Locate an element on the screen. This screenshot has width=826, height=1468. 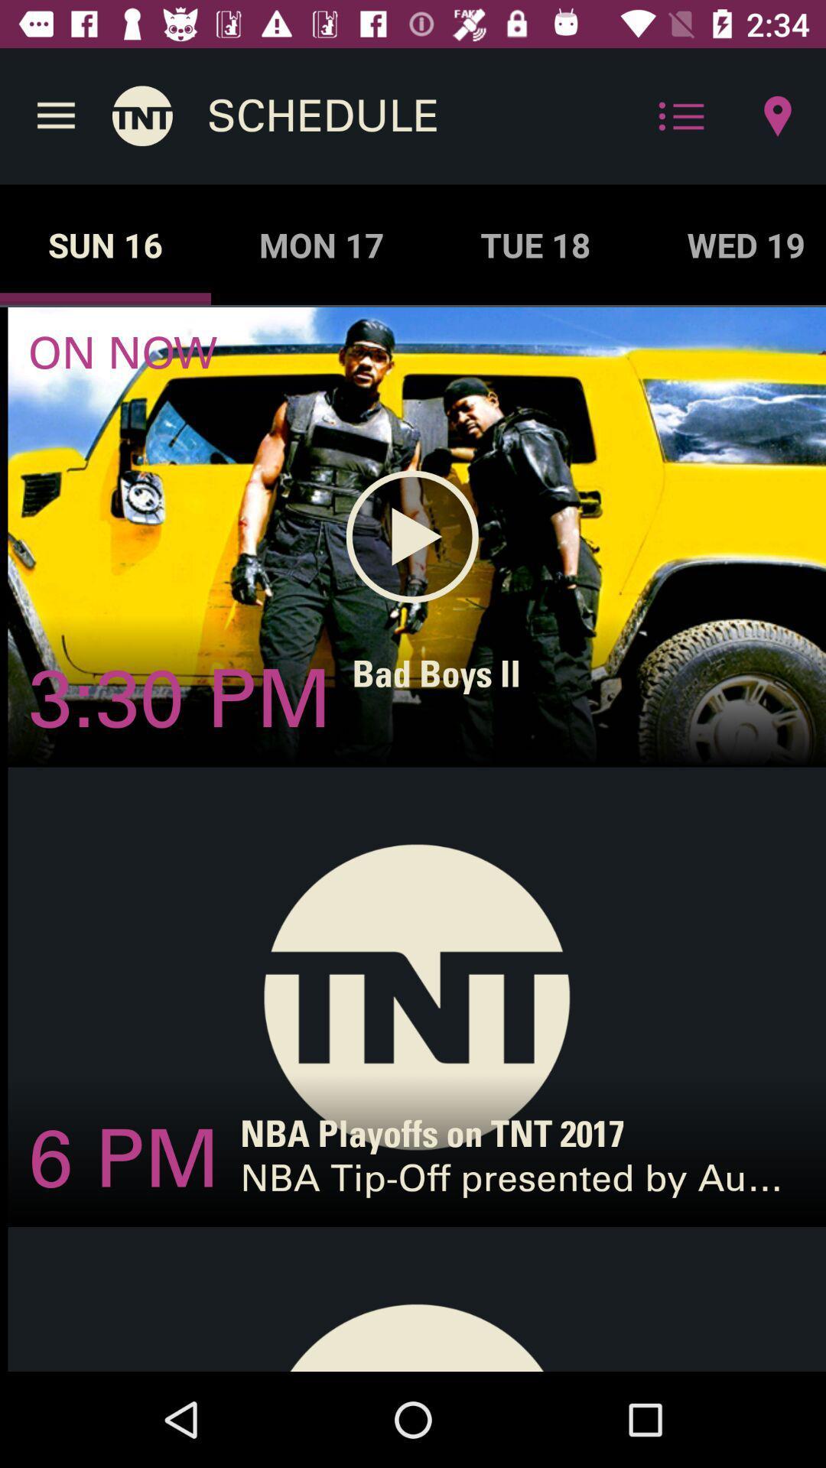
the icon above the tue 18 icon is located at coordinates (681, 115).